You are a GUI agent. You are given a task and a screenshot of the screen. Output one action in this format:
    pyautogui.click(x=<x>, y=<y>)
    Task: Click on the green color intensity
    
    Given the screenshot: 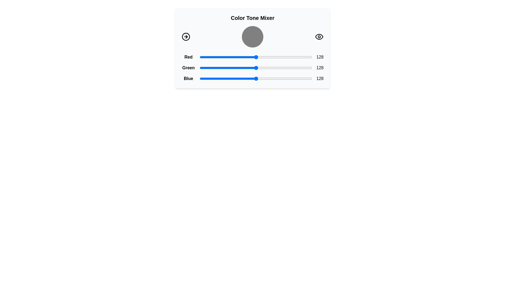 What is the action you would take?
    pyautogui.click(x=238, y=68)
    